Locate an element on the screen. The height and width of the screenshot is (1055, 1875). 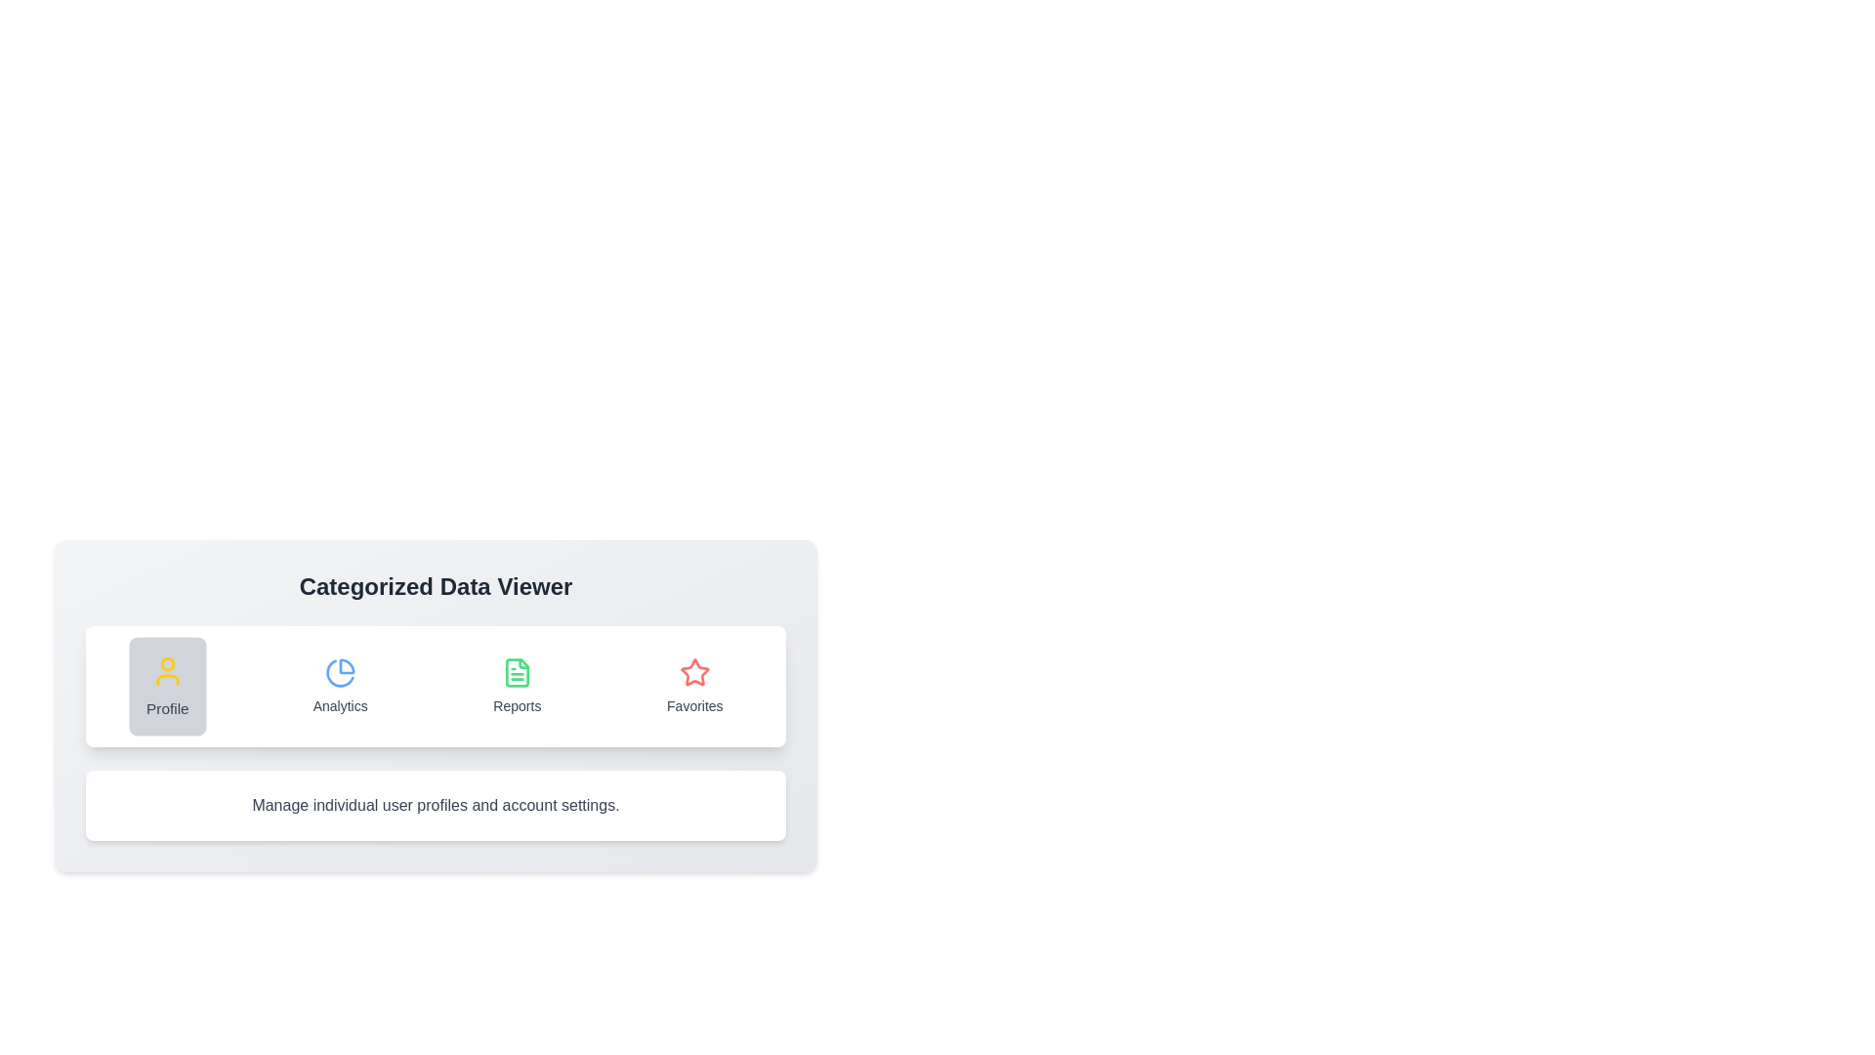
the tab labeled Reports to switch to its content is located at coordinates (516, 685).